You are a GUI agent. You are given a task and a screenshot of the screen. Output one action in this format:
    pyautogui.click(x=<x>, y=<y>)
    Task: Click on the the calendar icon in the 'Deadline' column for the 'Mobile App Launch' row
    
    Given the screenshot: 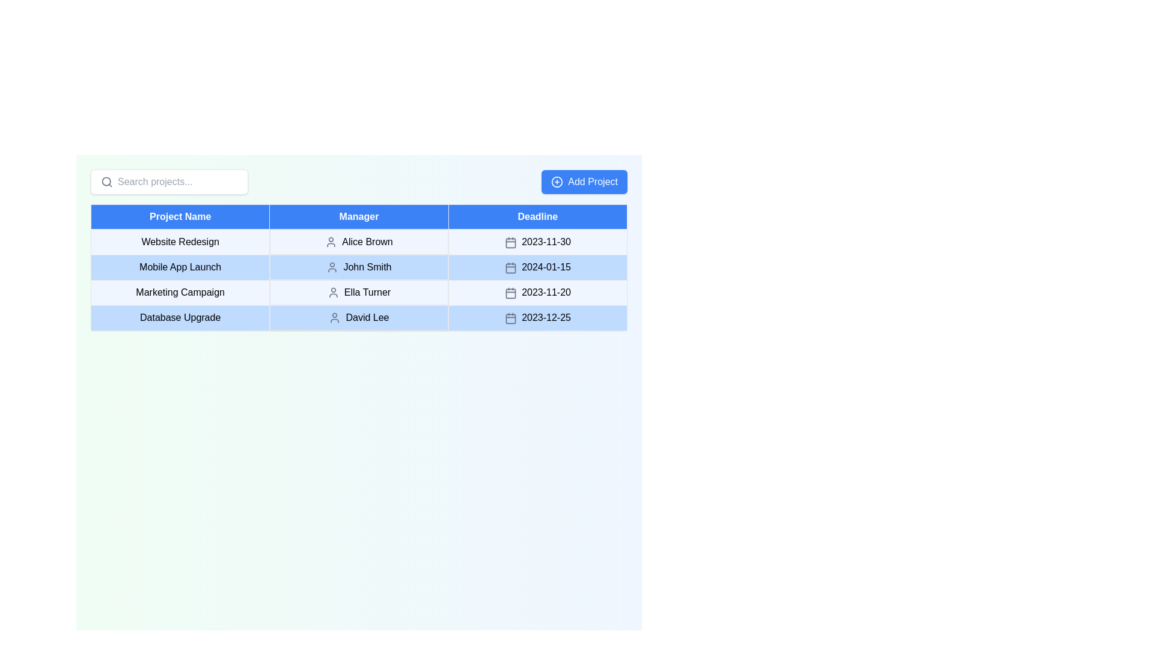 What is the action you would take?
    pyautogui.click(x=510, y=267)
    